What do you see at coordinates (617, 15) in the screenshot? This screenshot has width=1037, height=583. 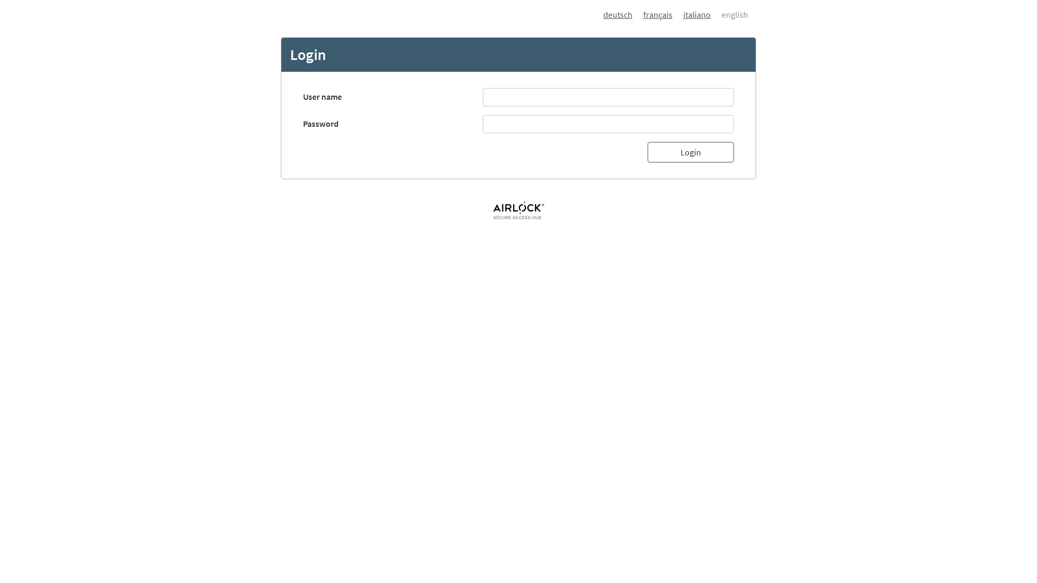 I see `'deutsch'` at bounding box center [617, 15].